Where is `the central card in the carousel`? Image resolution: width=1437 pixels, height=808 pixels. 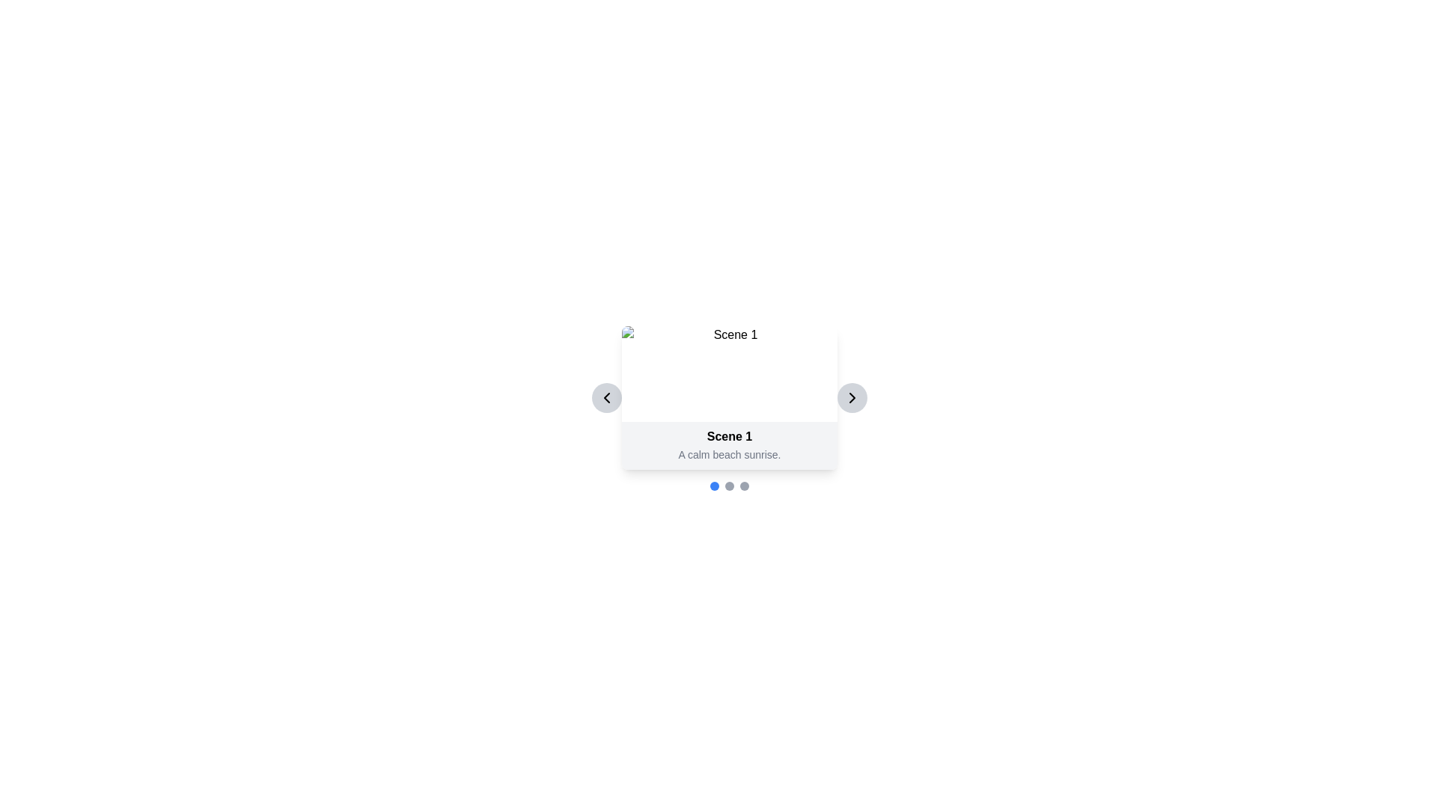 the central card in the carousel is located at coordinates (729, 397).